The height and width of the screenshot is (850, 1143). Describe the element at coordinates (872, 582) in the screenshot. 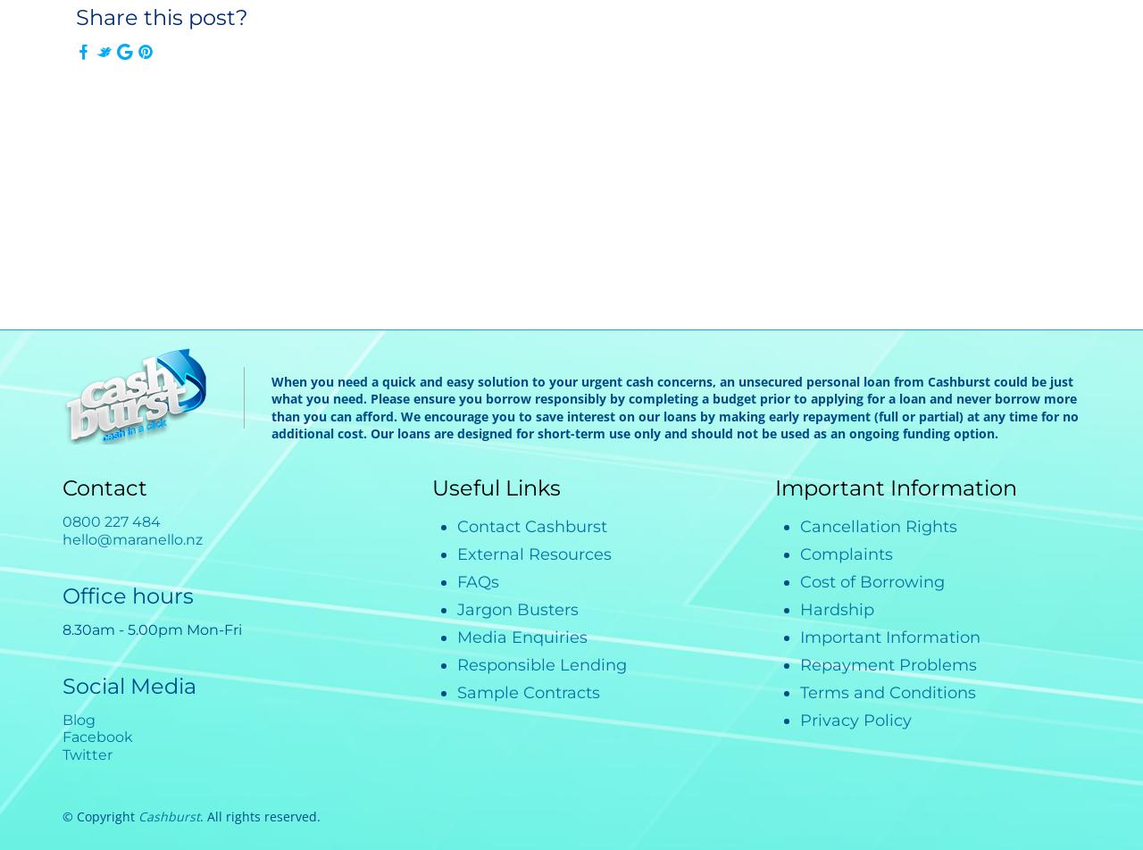

I see `'Cost of Borrowing'` at that location.